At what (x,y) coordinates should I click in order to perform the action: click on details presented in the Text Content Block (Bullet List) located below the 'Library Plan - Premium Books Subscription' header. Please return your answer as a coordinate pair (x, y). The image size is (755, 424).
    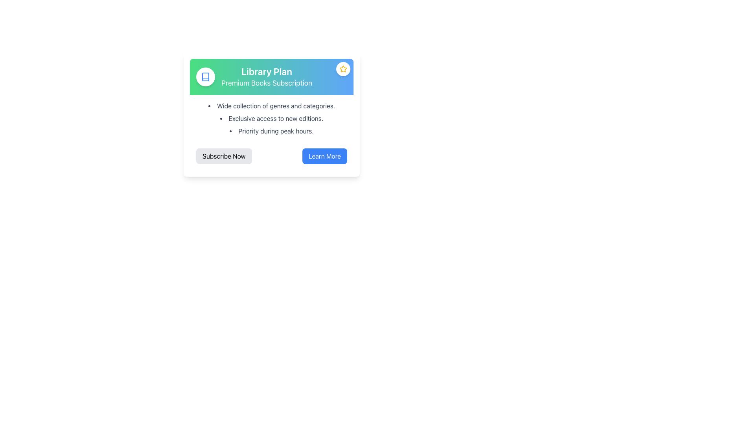
    Looking at the image, I should click on (272, 118).